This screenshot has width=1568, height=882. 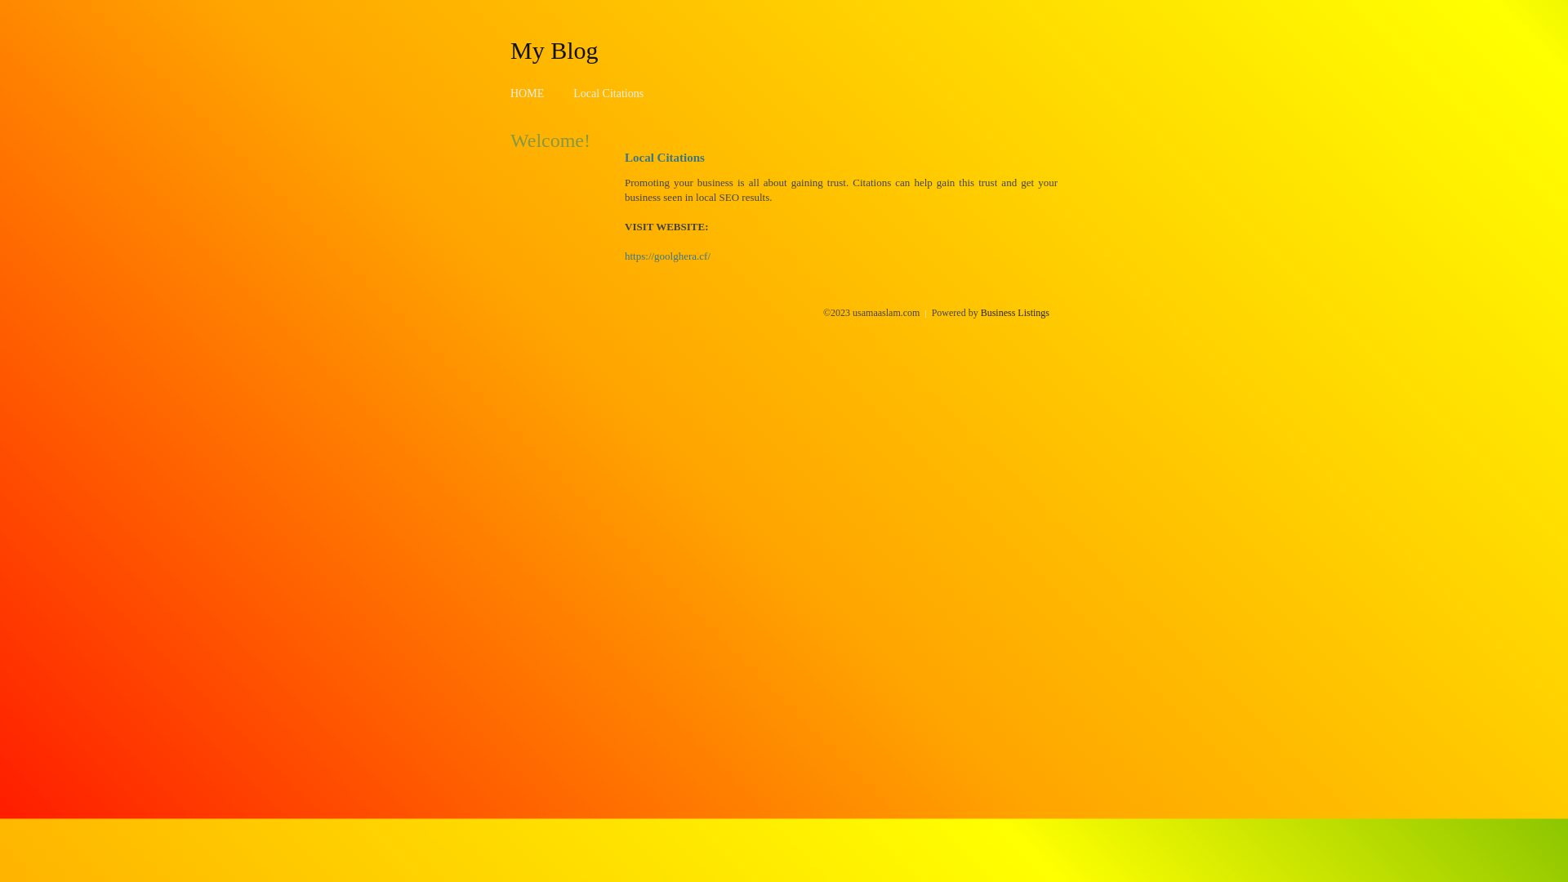 What do you see at coordinates (667, 256) in the screenshot?
I see `'https://goolghera.cf/'` at bounding box center [667, 256].